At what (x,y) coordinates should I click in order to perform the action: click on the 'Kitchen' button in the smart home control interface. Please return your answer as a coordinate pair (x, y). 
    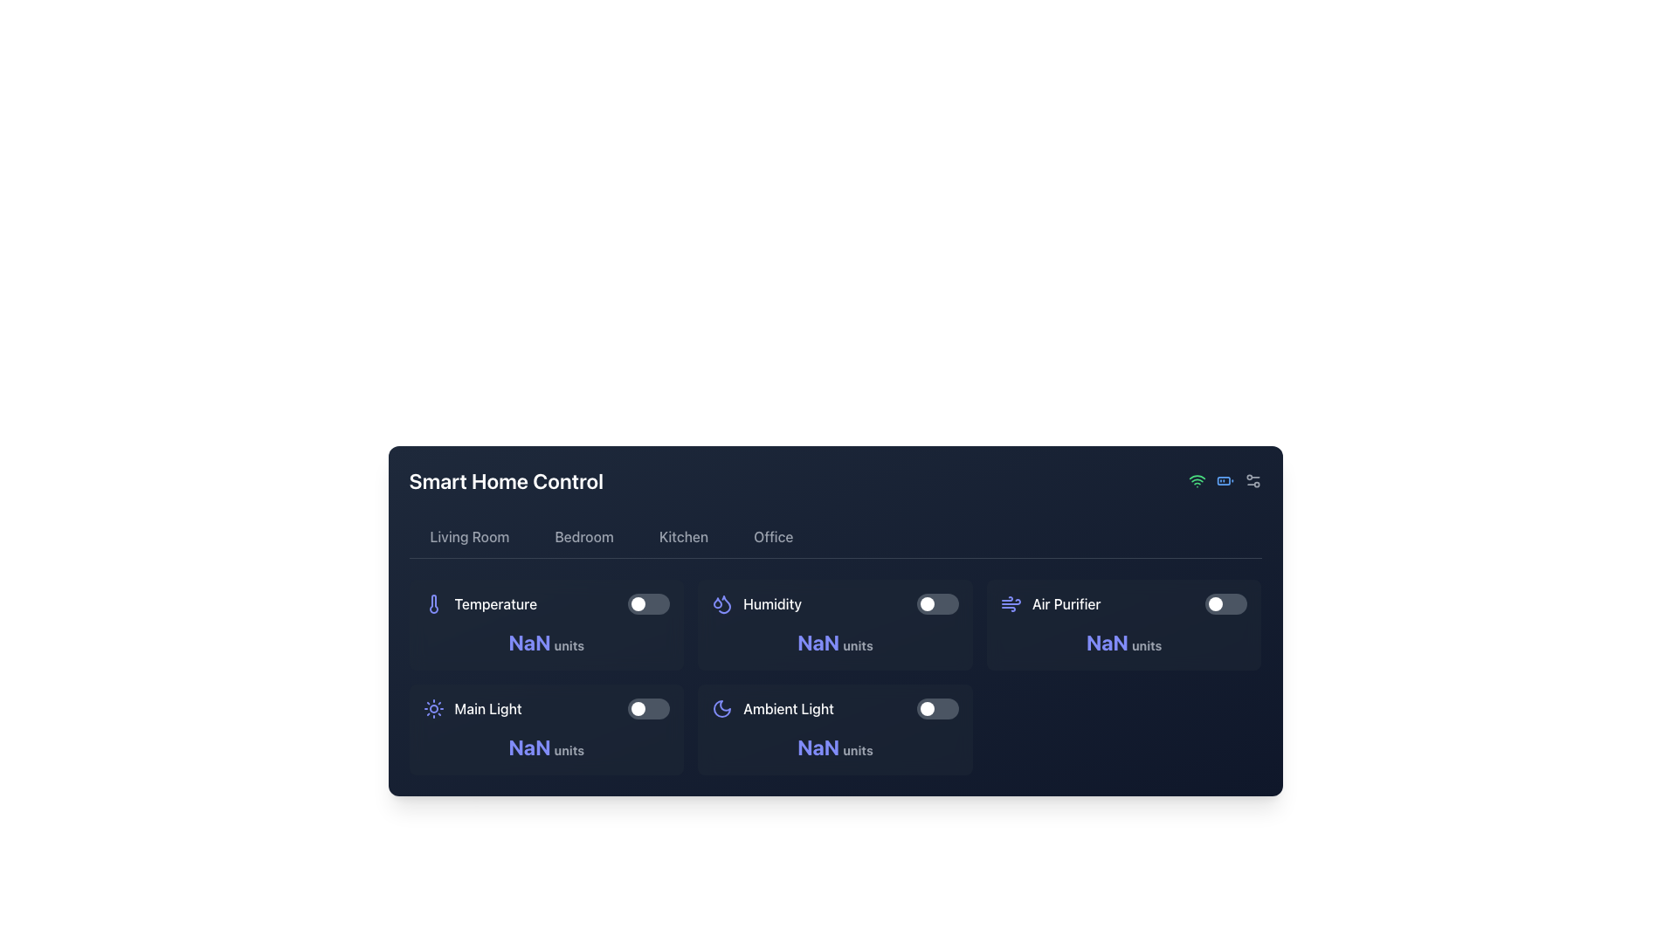
    Looking at the image, I should click on (682, 535).